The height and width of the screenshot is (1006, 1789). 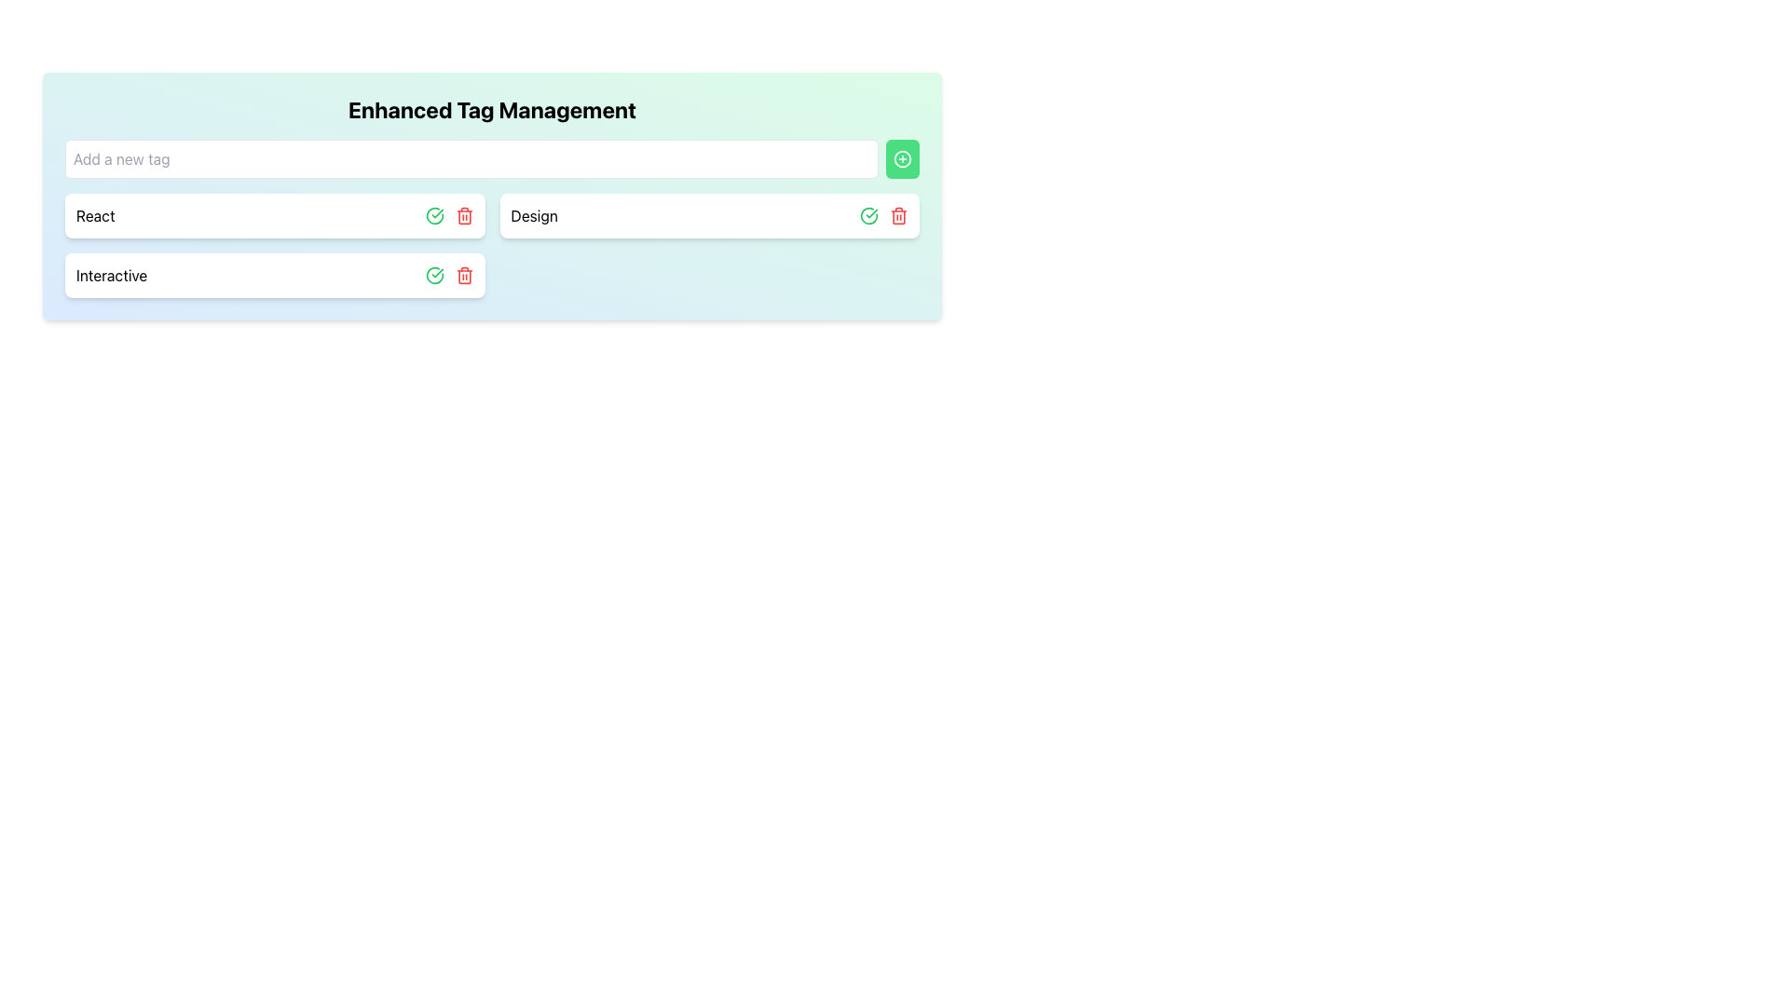 I want to click on the confirmation icon associated with the 'Design' tag, which is the first icon in the group to the left of the red trash bin icon in the second row of the tag management interface, so click(x=867, y=214).